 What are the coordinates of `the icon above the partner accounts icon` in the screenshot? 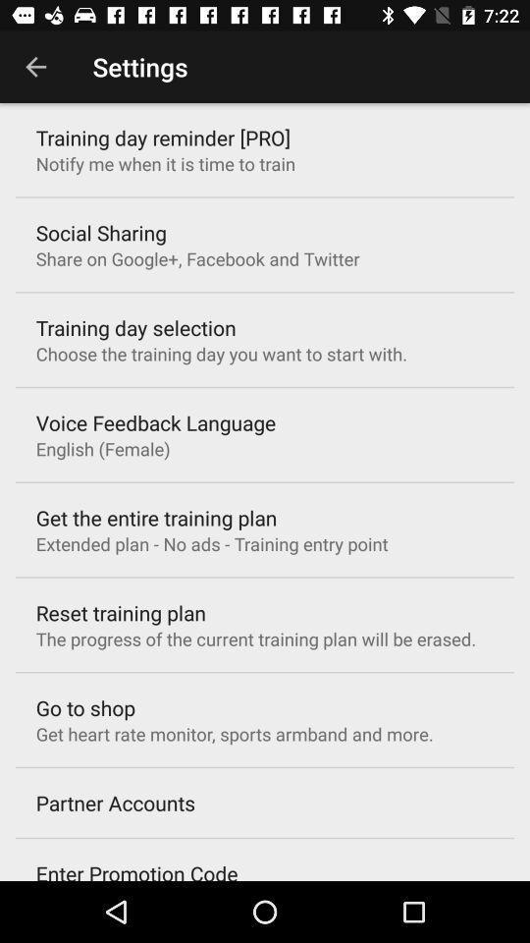 It's located at (235, 733).